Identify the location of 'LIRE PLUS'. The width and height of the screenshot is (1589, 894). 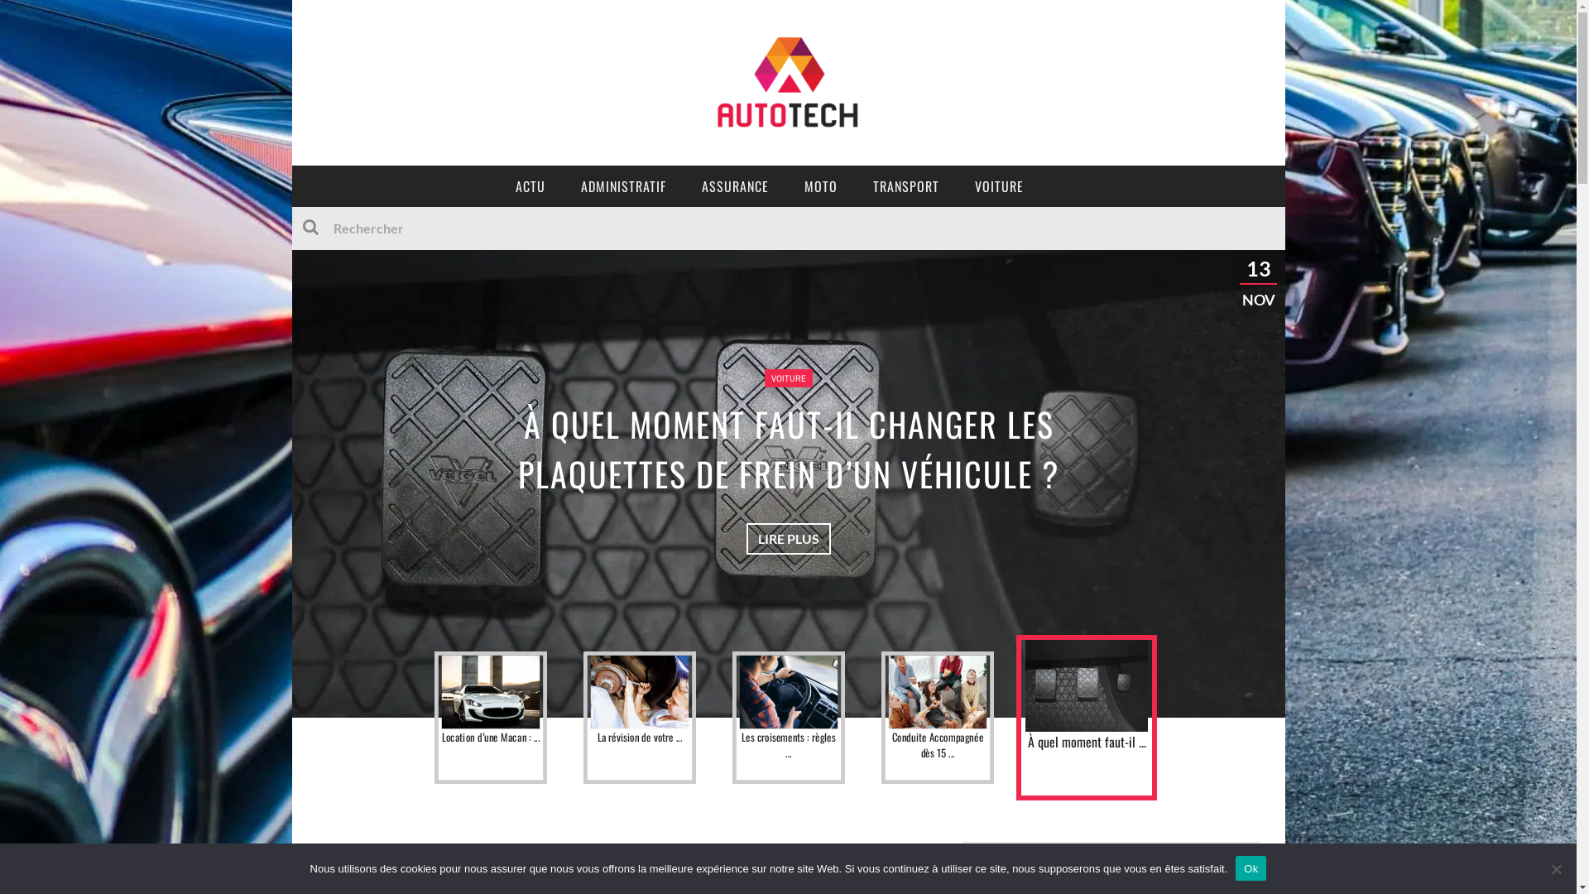
(788, 539).